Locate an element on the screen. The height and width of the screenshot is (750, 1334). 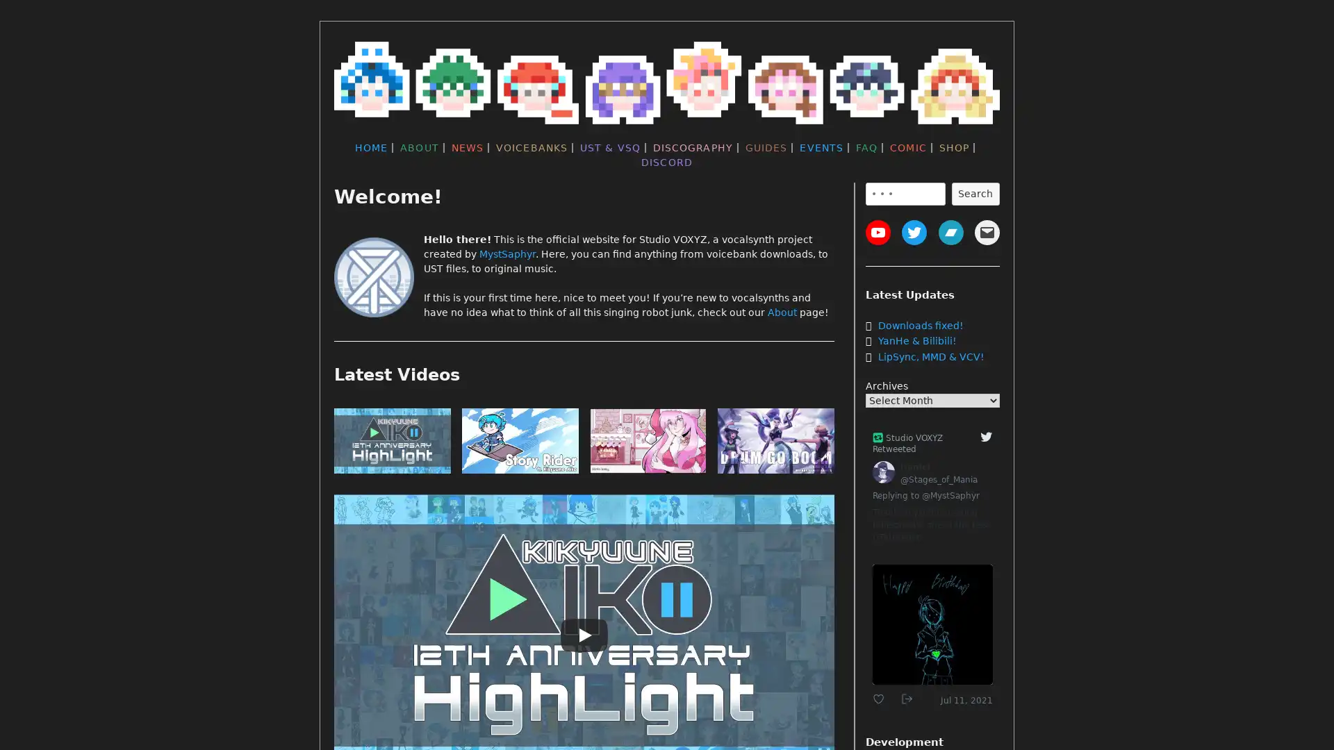
Play is located at coordinates (584, 635).